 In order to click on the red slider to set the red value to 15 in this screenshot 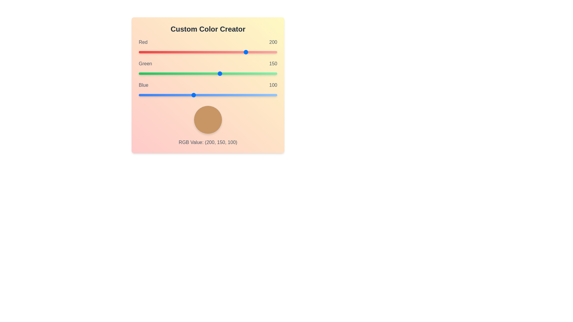, I will do `click(147, 52)`.